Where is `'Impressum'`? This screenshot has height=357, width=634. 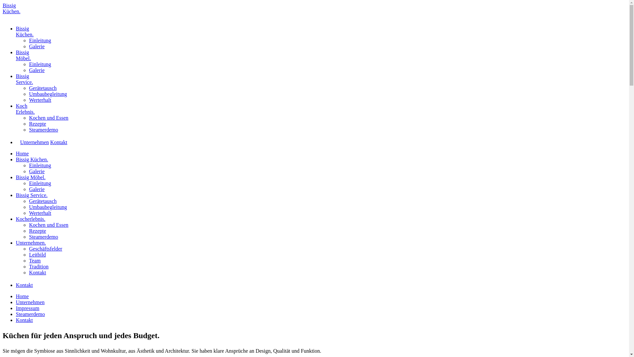 'Impressum' is located at coordinates (27, 308).